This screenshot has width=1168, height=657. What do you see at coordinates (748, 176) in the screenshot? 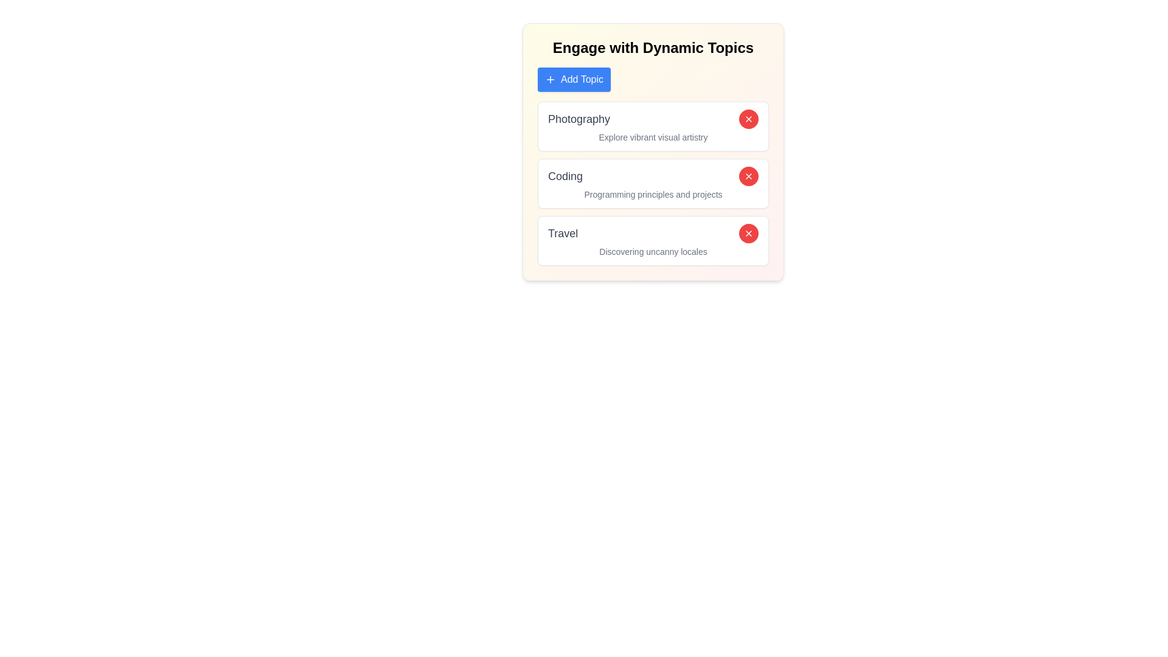
I see `red 'X' button next to the topic labeled Coding to remove it` at bounding box center [748, 176].